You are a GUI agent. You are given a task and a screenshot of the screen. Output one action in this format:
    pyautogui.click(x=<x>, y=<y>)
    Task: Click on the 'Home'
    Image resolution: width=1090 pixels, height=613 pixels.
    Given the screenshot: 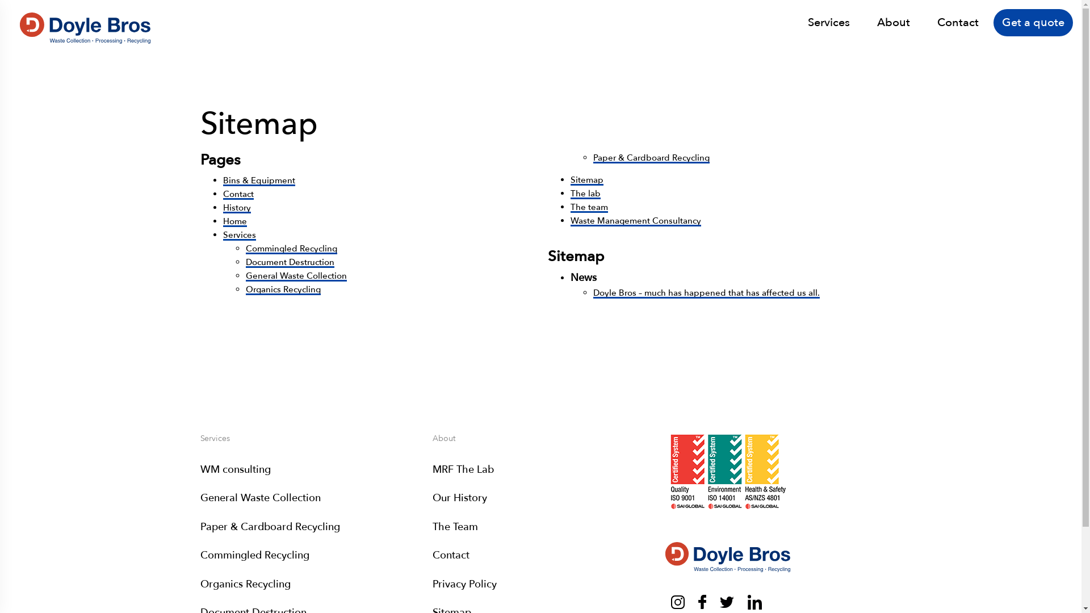 What is the action you would take?
    pyautogui.click(x=223, y=221)
    